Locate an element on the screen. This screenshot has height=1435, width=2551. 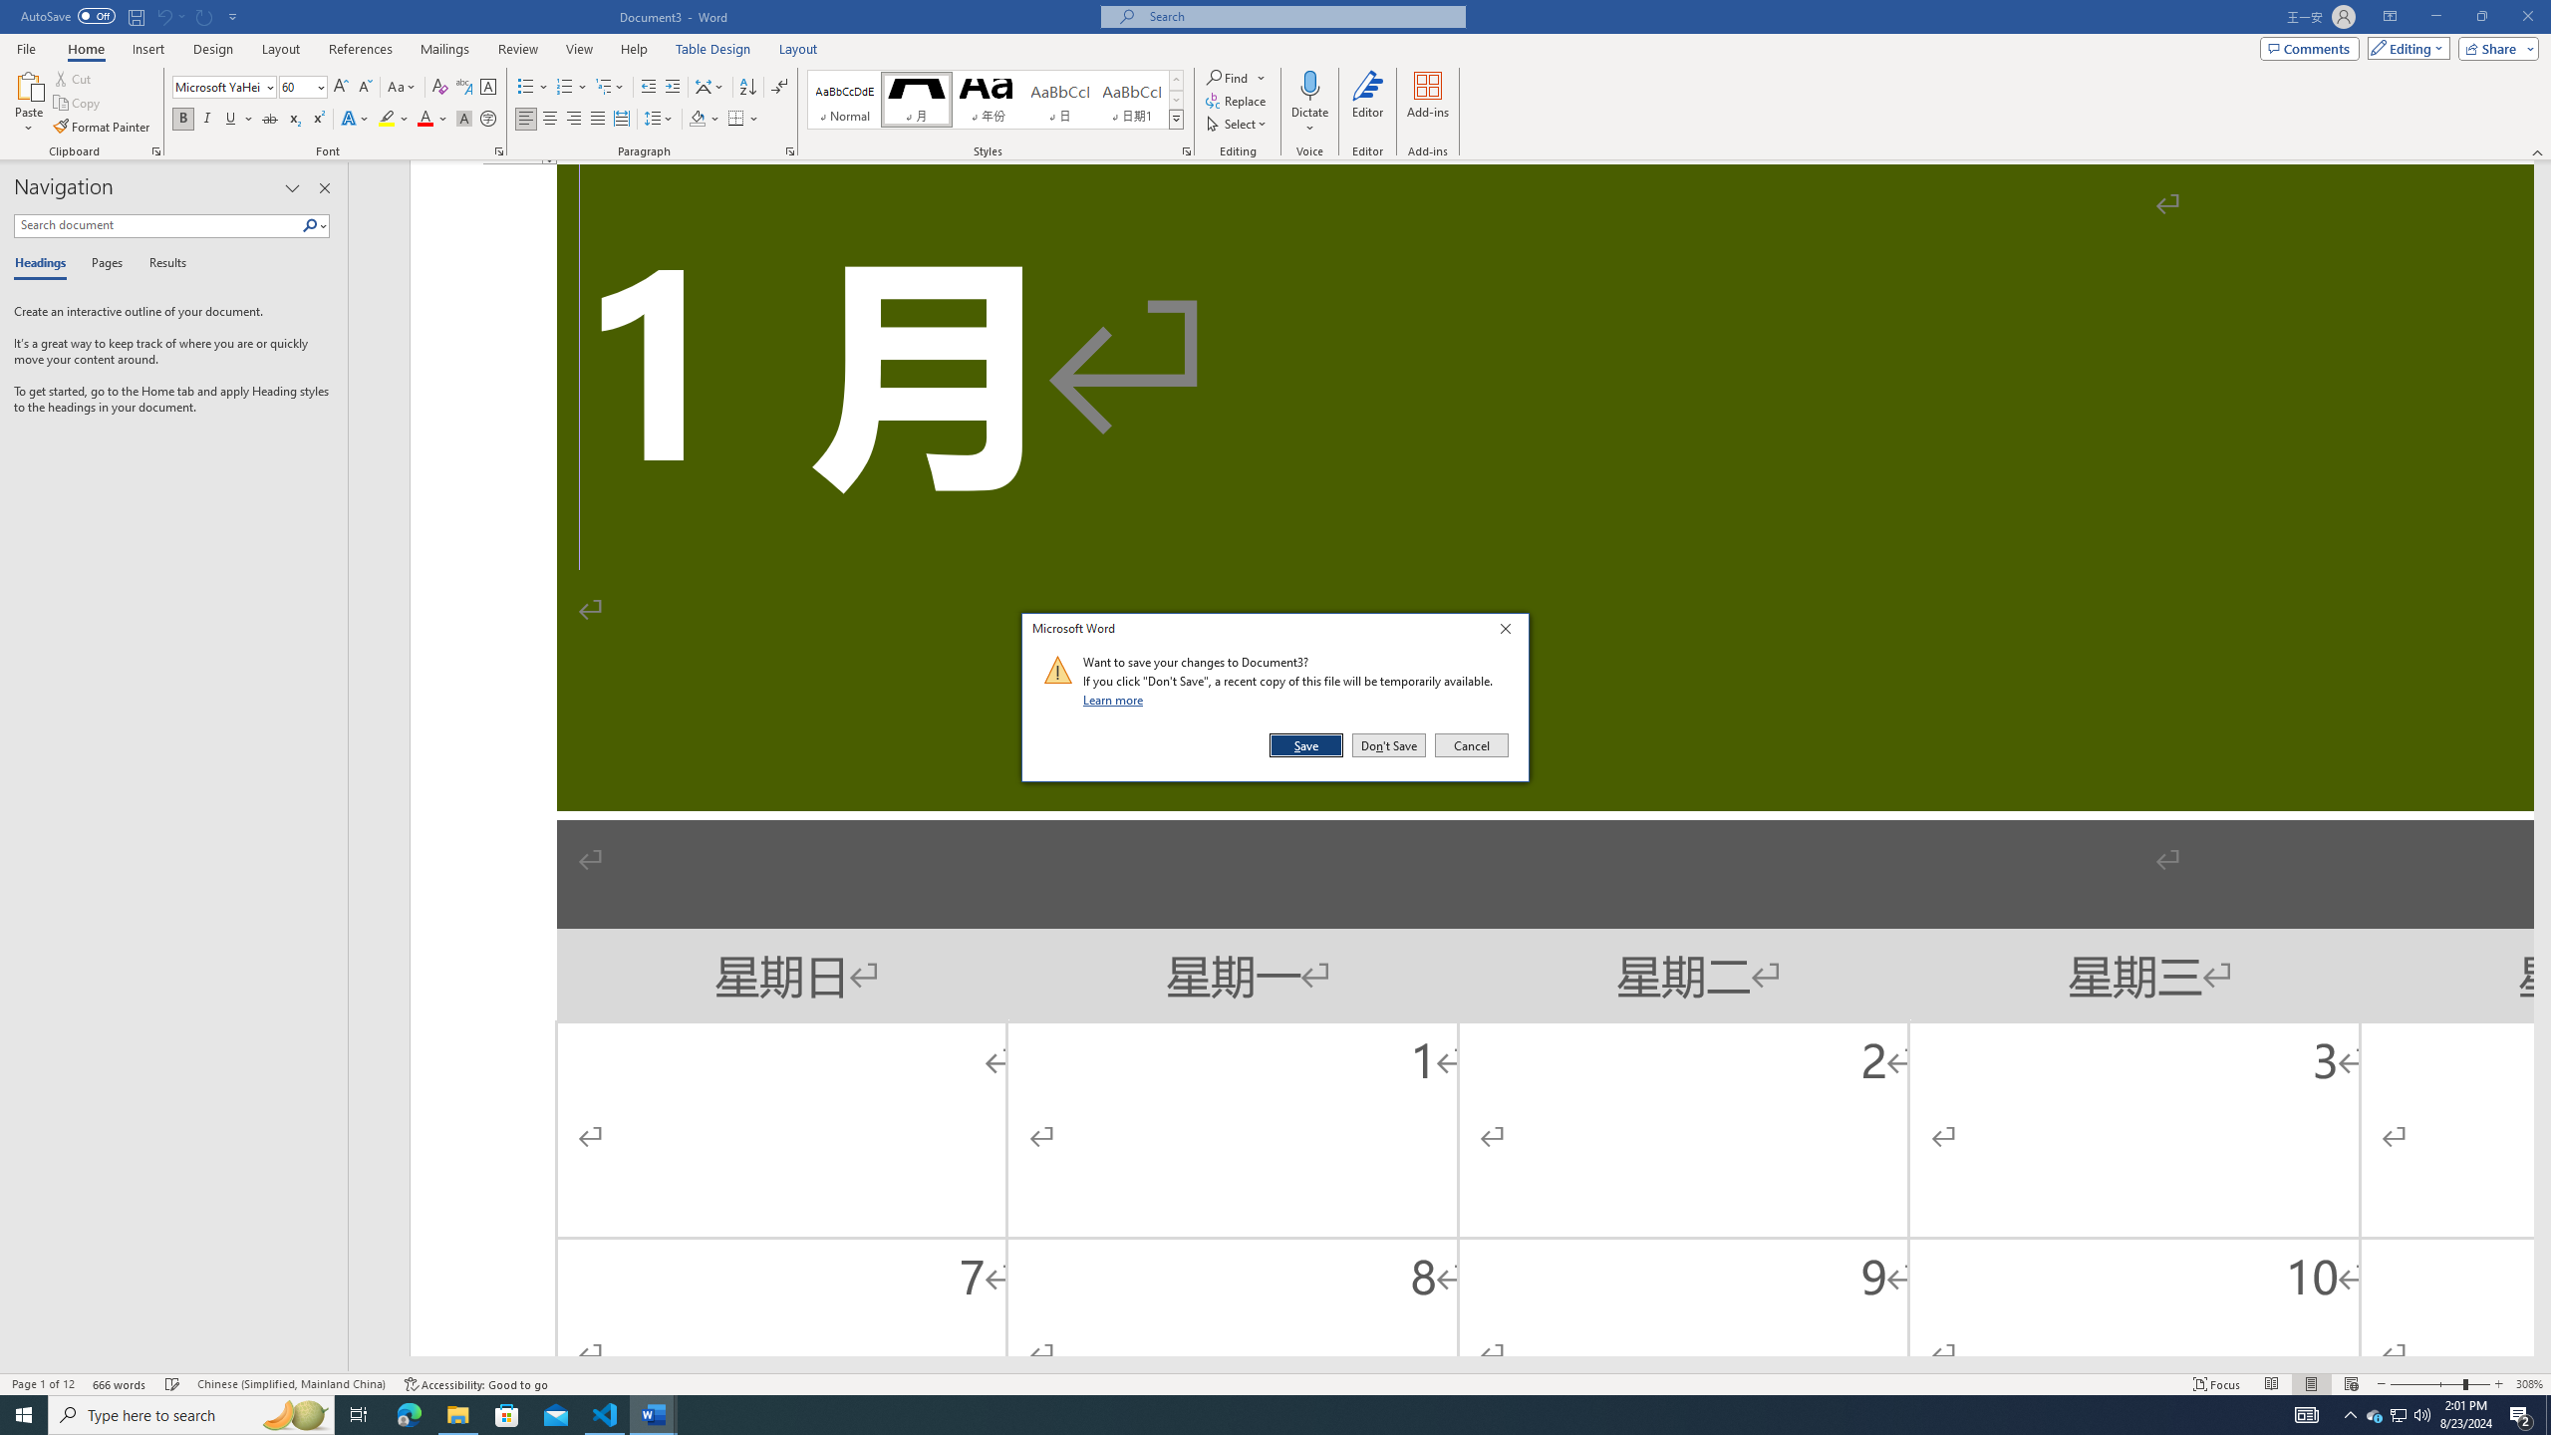
'Quick Access Toolbar' is located at coordinates (130, 16).